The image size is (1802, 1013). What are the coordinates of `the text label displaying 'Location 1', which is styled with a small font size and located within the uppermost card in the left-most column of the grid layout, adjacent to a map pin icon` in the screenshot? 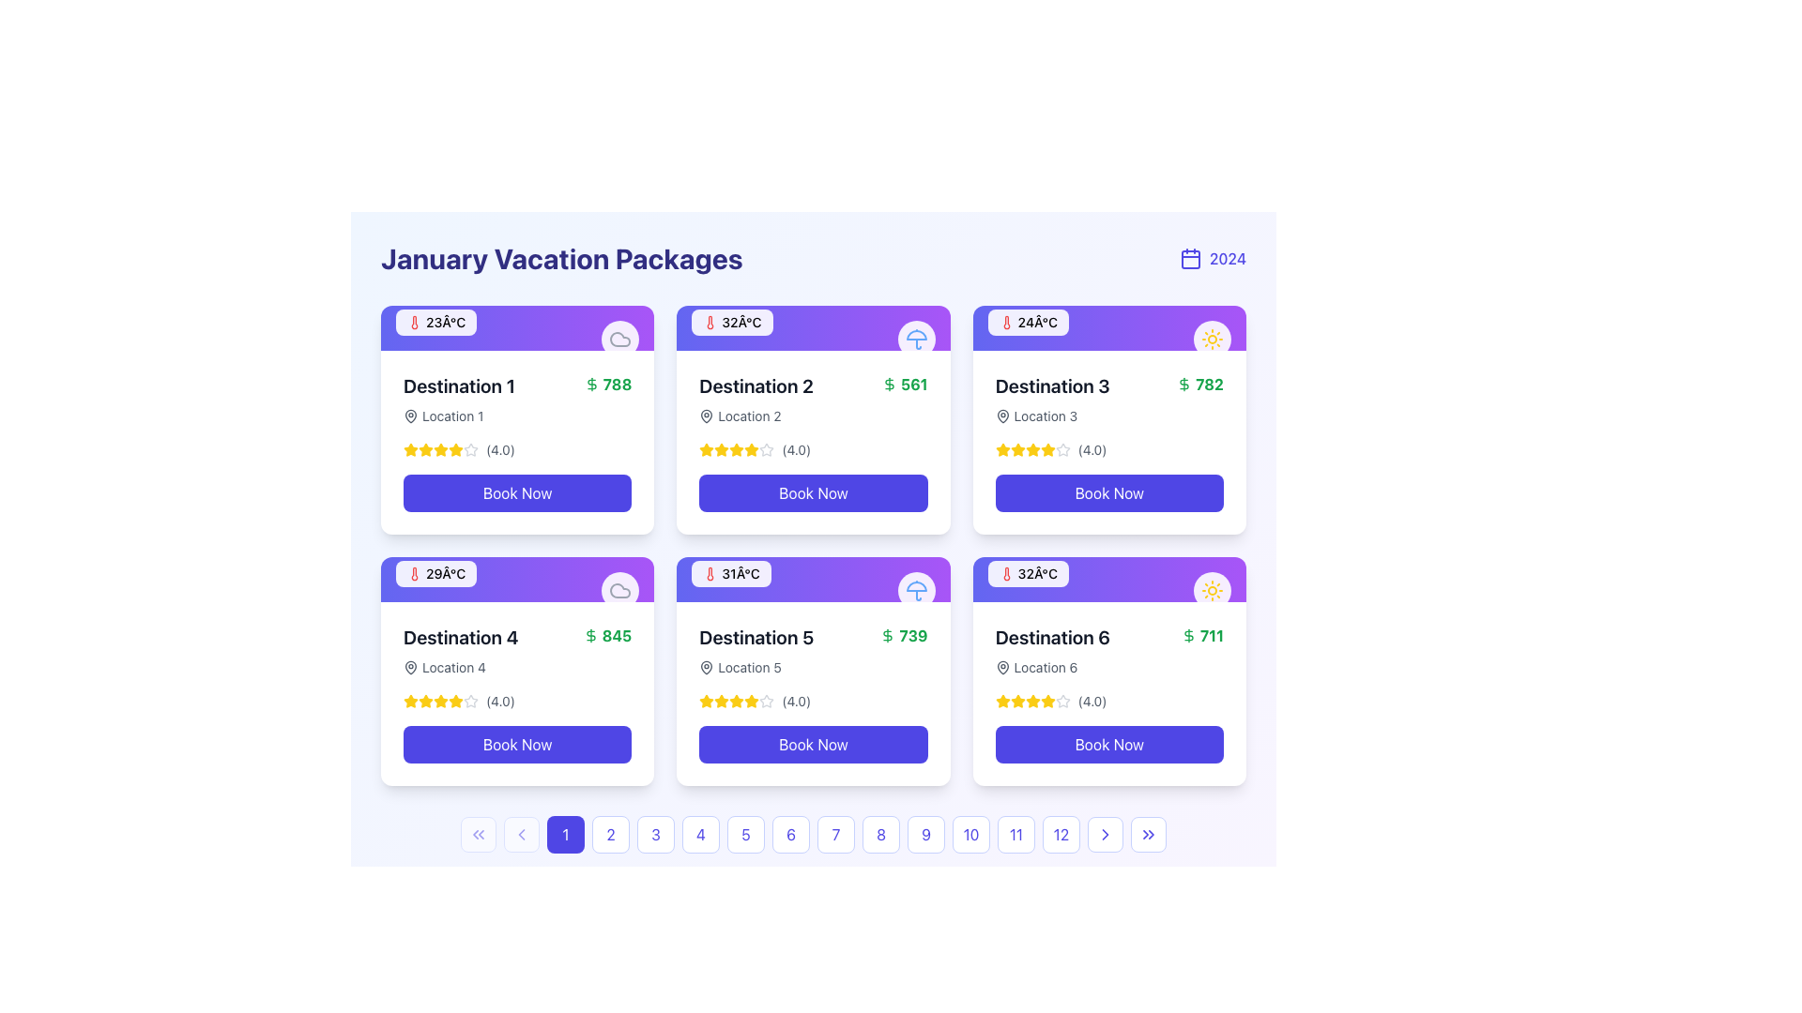 It's located at (452, 415).